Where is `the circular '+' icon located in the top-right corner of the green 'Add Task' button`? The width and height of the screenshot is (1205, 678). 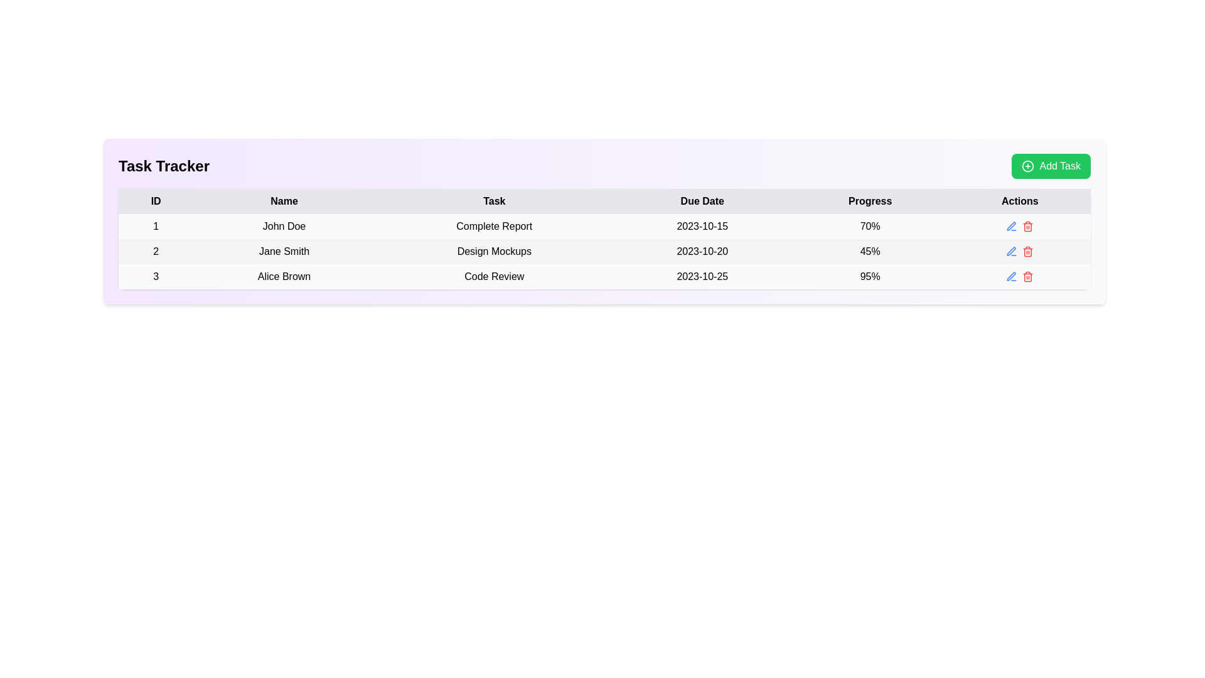 the circular '+' icon located in the top-right corner of the green 'Add Task' button is located at coordinates (1028, 166).